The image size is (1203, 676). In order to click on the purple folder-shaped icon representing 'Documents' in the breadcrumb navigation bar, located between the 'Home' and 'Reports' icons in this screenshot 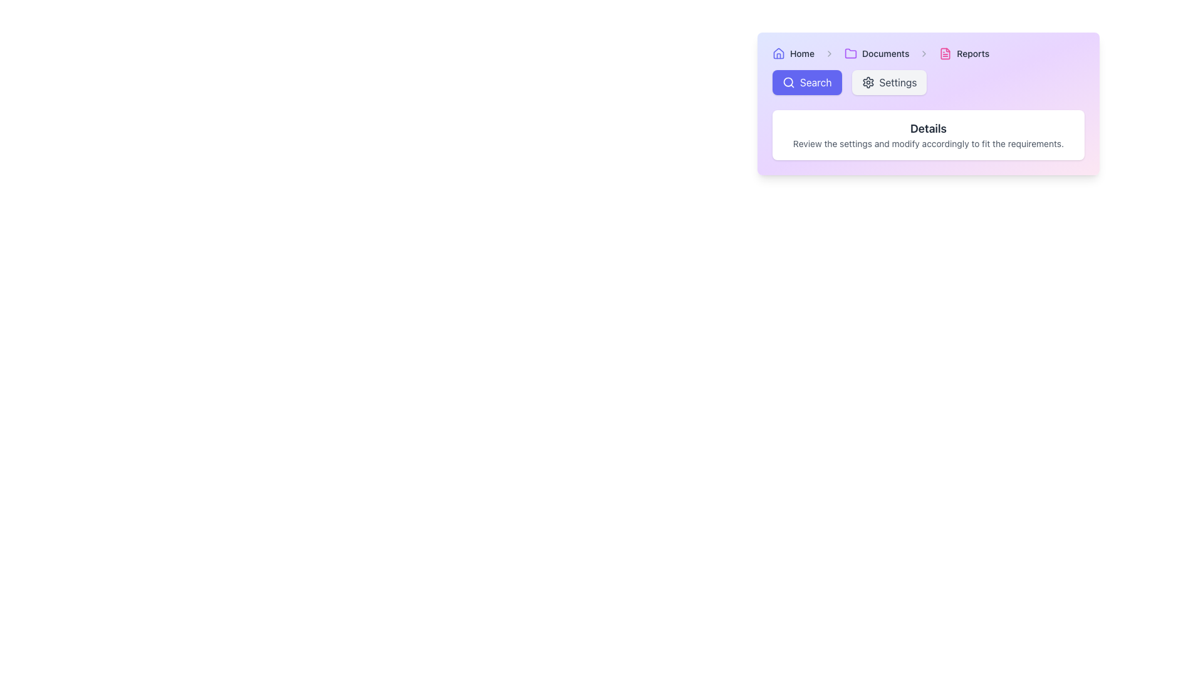, I will do `click(851, 52)`.